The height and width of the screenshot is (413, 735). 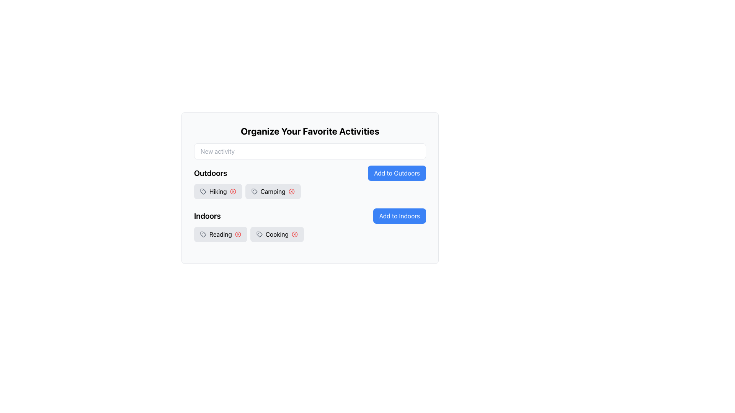 What do you see at coordinates (399, 216) in the screenshot?
I see `the button located to the right of the 'Indoors' text` at bounding box center [399, 216].